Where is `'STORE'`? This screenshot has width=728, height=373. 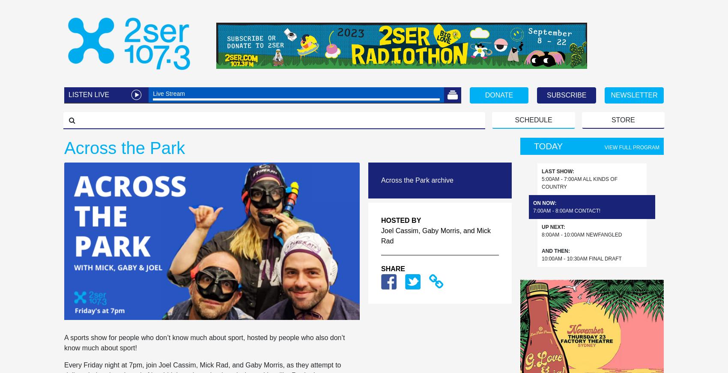 'STORE' is located at coordinates (622, 119).